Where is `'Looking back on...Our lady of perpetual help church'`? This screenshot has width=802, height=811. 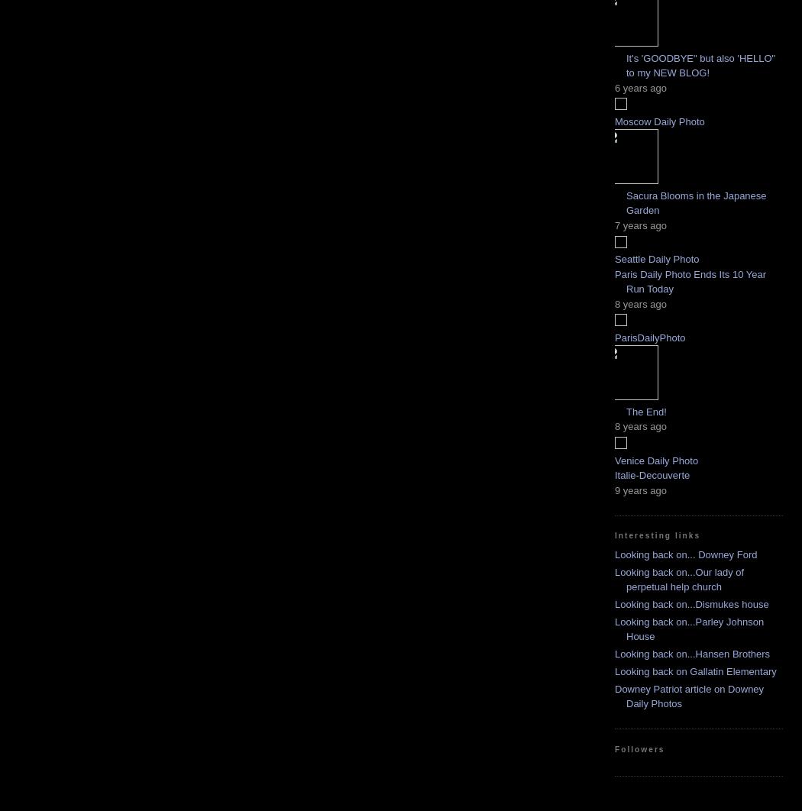
'Looking back on...Our lady of perpetual help church' is located at coordinates (678, 579).